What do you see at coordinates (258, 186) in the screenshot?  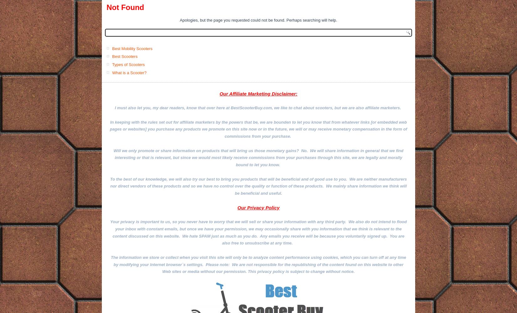 I see `'To the best of our knowledge, we will also try our best to bring you products that will be beneficial and of good use to you.  We are neither manufacturers nor direct vendors of these products and so we have no control over the quality or function of these products.  We mainly share information we think will be beneficial and useful.'` at bounding box center [258, 186].